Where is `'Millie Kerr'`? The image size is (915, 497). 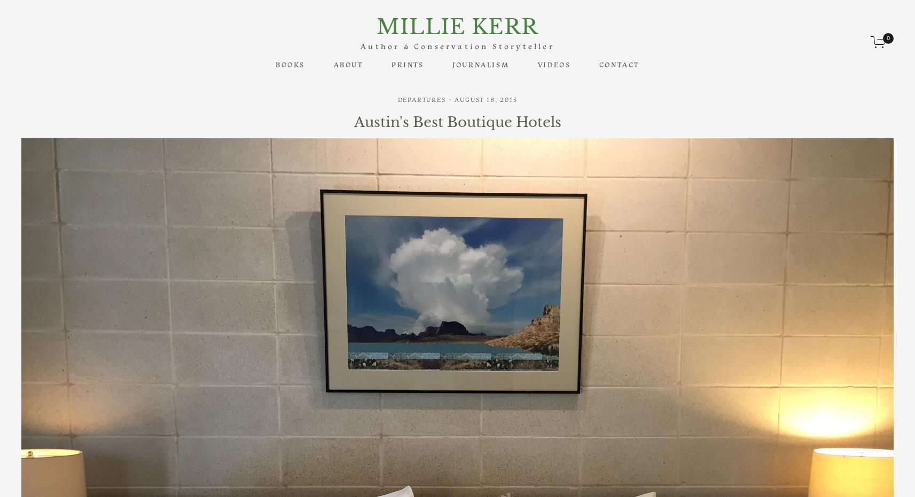 'Millie Kerr' is located at coordinates (456, 26).